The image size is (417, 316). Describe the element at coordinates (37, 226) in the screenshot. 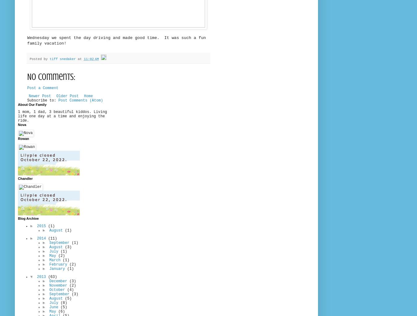

I see `'2015'` at that location.